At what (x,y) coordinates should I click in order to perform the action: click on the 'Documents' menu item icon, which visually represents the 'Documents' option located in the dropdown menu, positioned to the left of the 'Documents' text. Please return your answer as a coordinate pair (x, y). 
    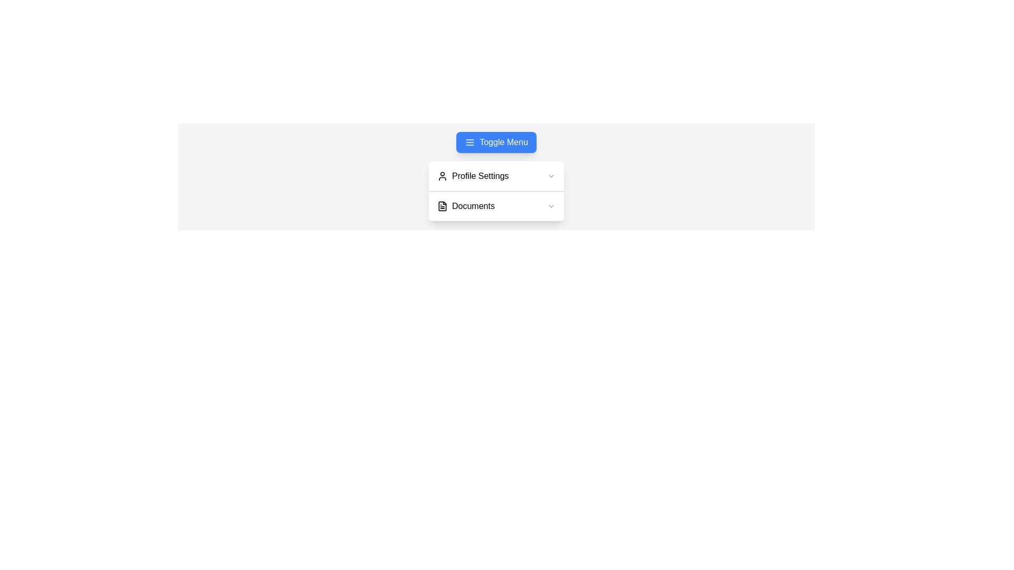
    Looking at the image, I should click on (443, 206).